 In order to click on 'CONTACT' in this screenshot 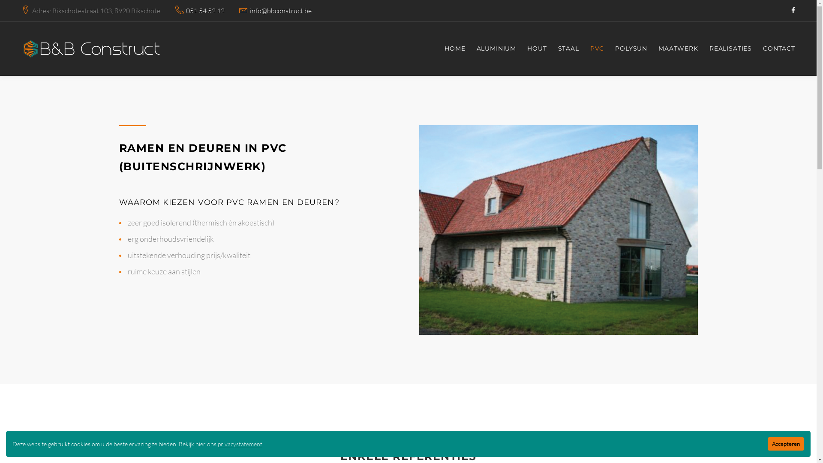, I will do `click(779, 49)`.